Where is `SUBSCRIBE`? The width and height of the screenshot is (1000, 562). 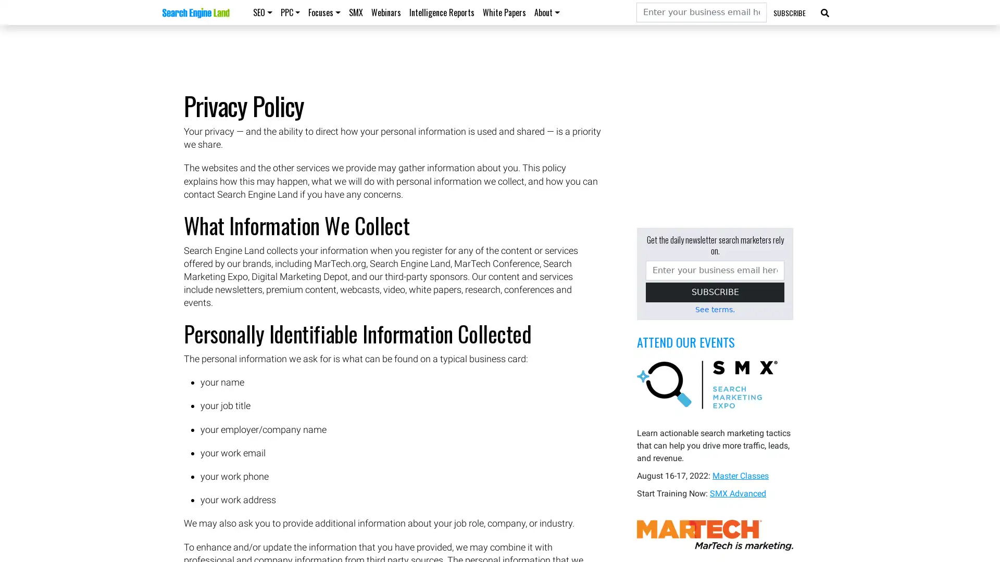 SUBSCRIBE is located at coordinates (714, 291).